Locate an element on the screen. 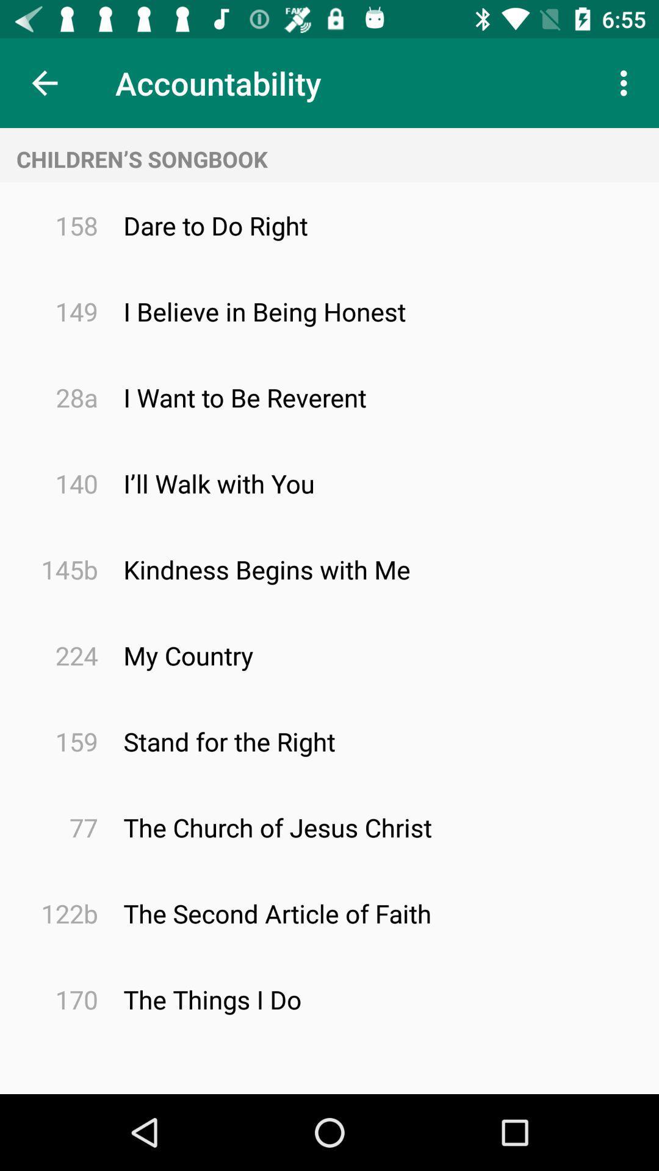  the item next to accountability icon is located at coordinates (627, 82).